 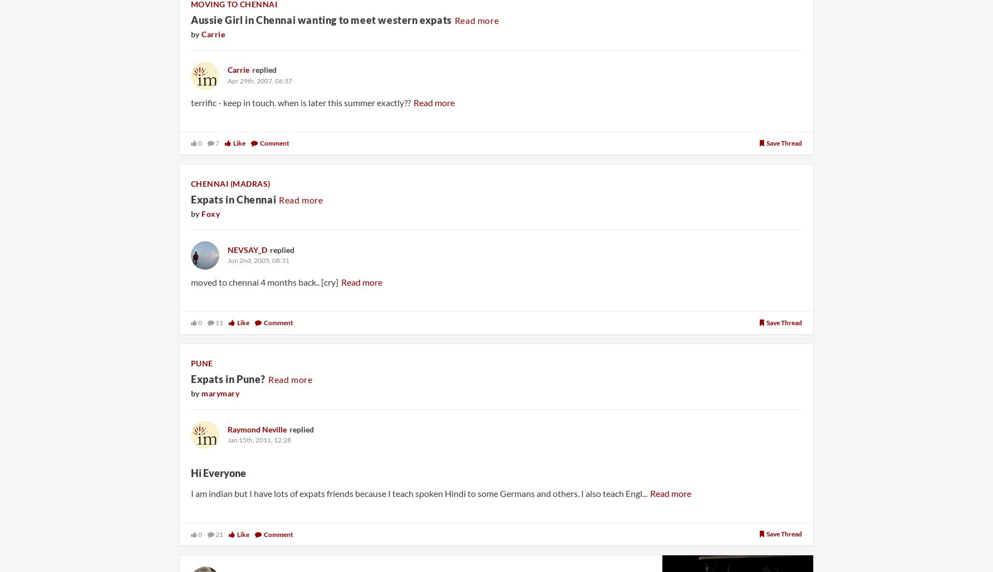 What do you see at coordinates (201, 362) in the screenshot?
I see `'Pune'` at bounding box center [201, 362].